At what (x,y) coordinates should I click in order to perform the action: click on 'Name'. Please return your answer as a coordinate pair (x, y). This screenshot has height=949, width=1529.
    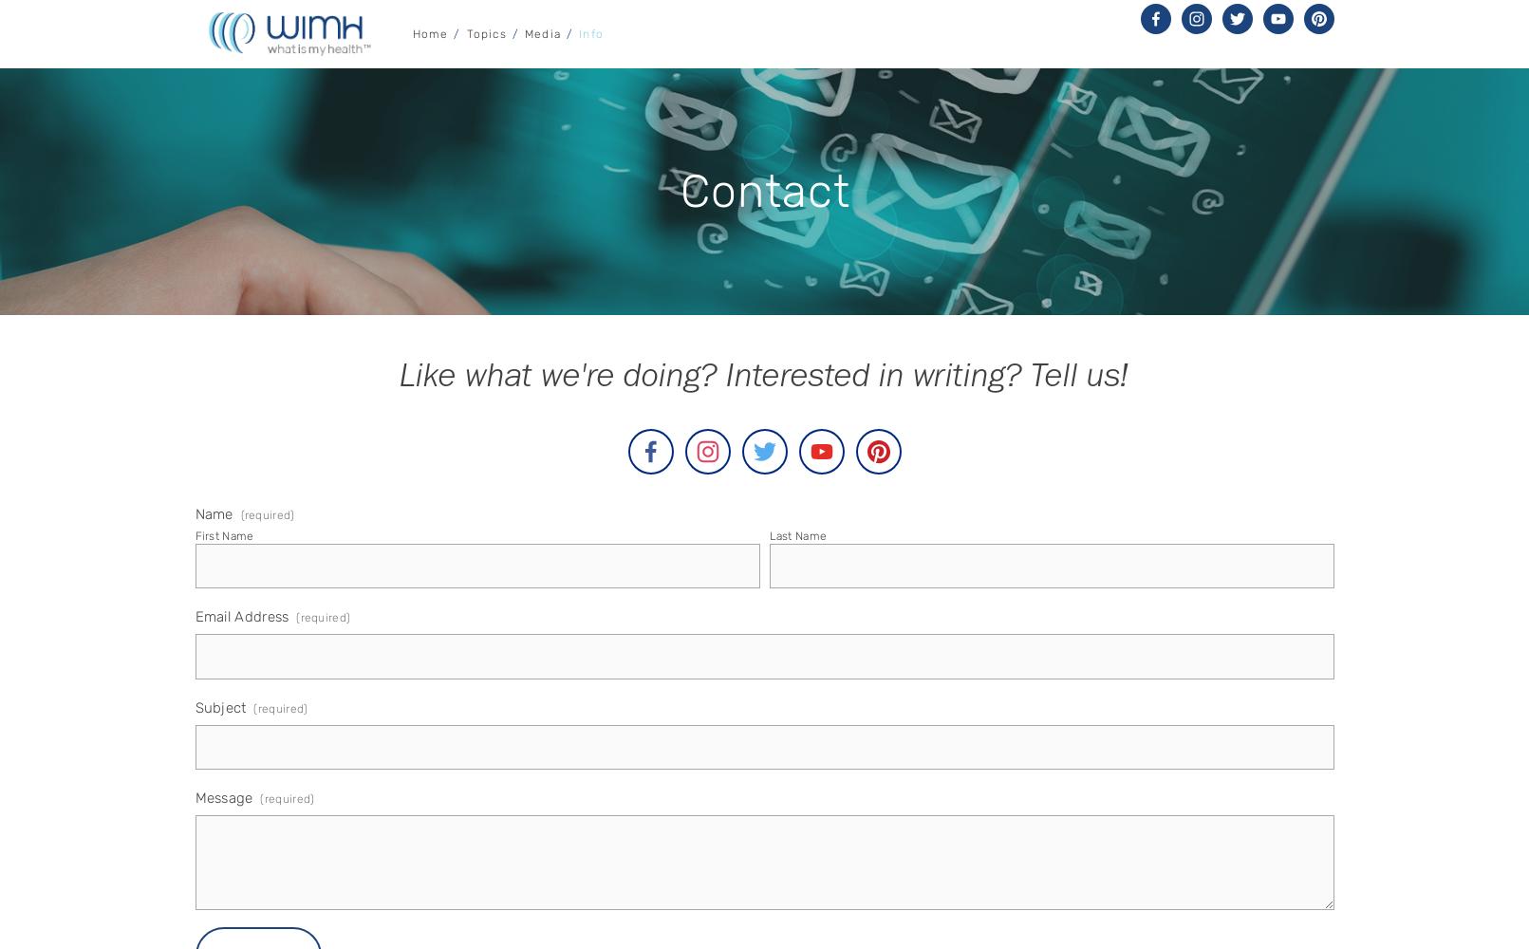
    Looking at the image, I should click on (213, 513).